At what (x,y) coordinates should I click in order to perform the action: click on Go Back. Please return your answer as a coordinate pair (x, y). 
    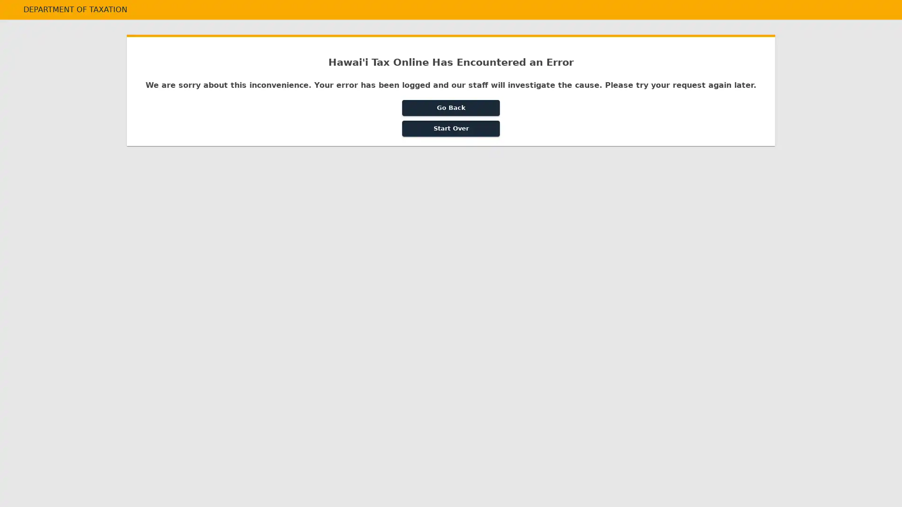
    Looking at the image, I should click on (451, 108).